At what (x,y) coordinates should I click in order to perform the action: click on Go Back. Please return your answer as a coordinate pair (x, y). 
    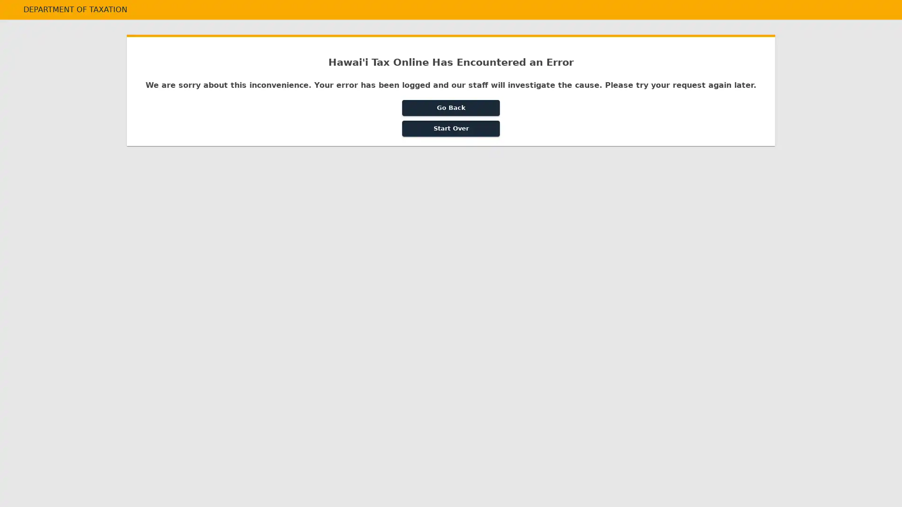
    Looking at the image, I should click on (451, 108).